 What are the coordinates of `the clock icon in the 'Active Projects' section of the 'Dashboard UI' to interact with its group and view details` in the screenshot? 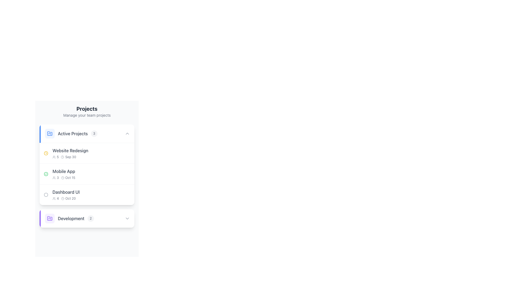 It's located at (62, 198).